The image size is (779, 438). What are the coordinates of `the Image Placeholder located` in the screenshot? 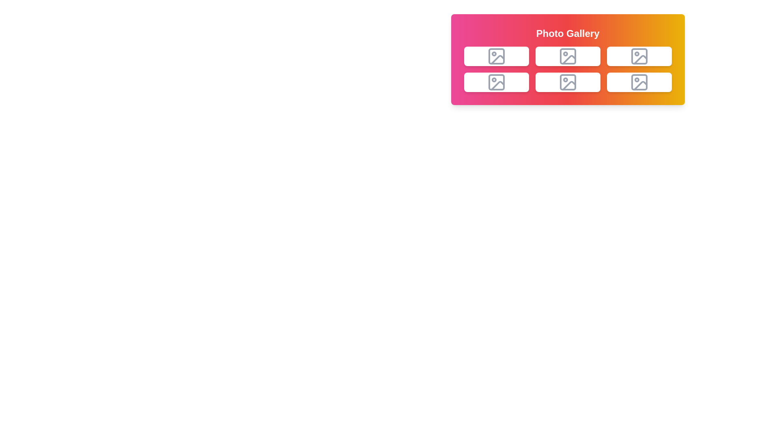 It's located at (639, 82).